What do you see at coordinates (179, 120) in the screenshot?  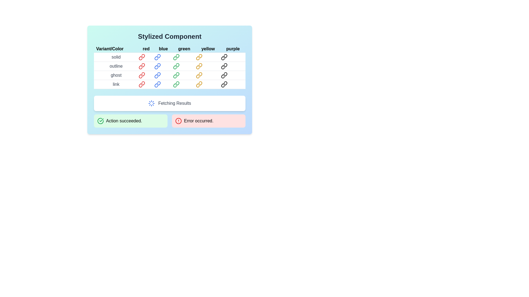 I see `the central circle of the alert icon indicating an error status, which is located in the lower right portion of the interface` at bounding box center [179, 120].